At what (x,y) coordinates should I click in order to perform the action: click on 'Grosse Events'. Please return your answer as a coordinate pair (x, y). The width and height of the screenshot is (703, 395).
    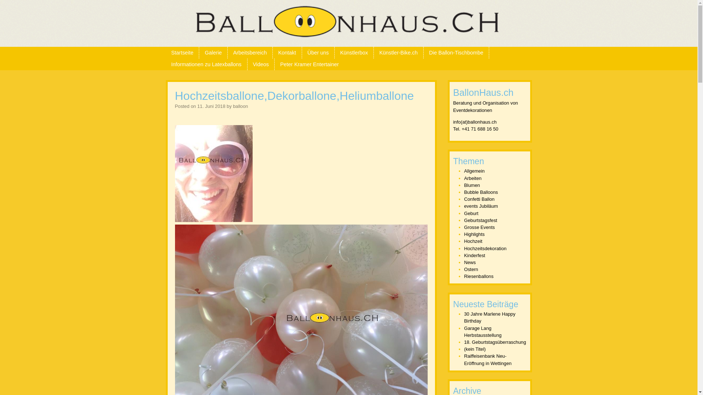
    Looking at the image, I should click on (464, 227).